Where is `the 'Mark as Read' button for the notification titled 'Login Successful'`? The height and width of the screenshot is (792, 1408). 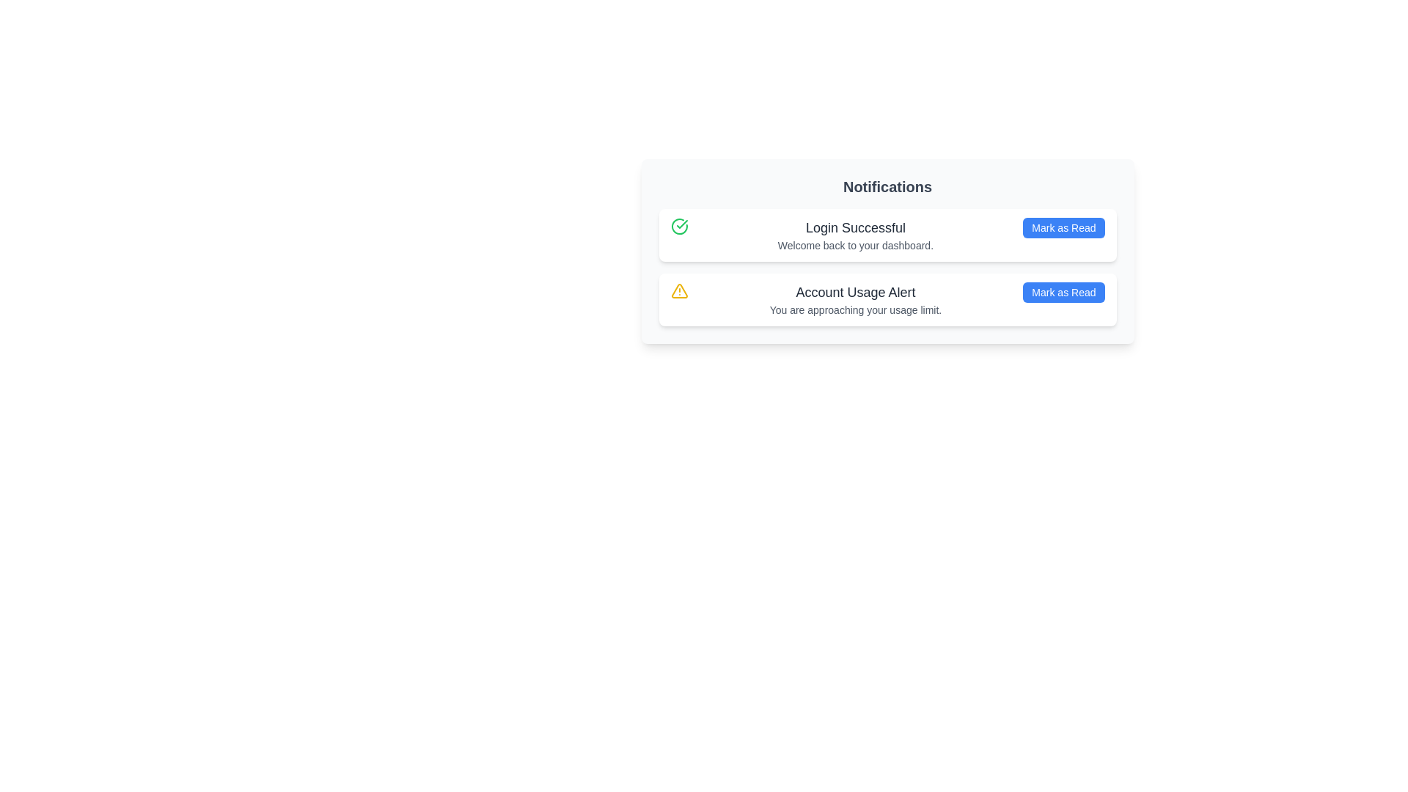 the 'Mark as Read' button for the notification titled 'Login Successful' is located at coordinates (1063, 228).